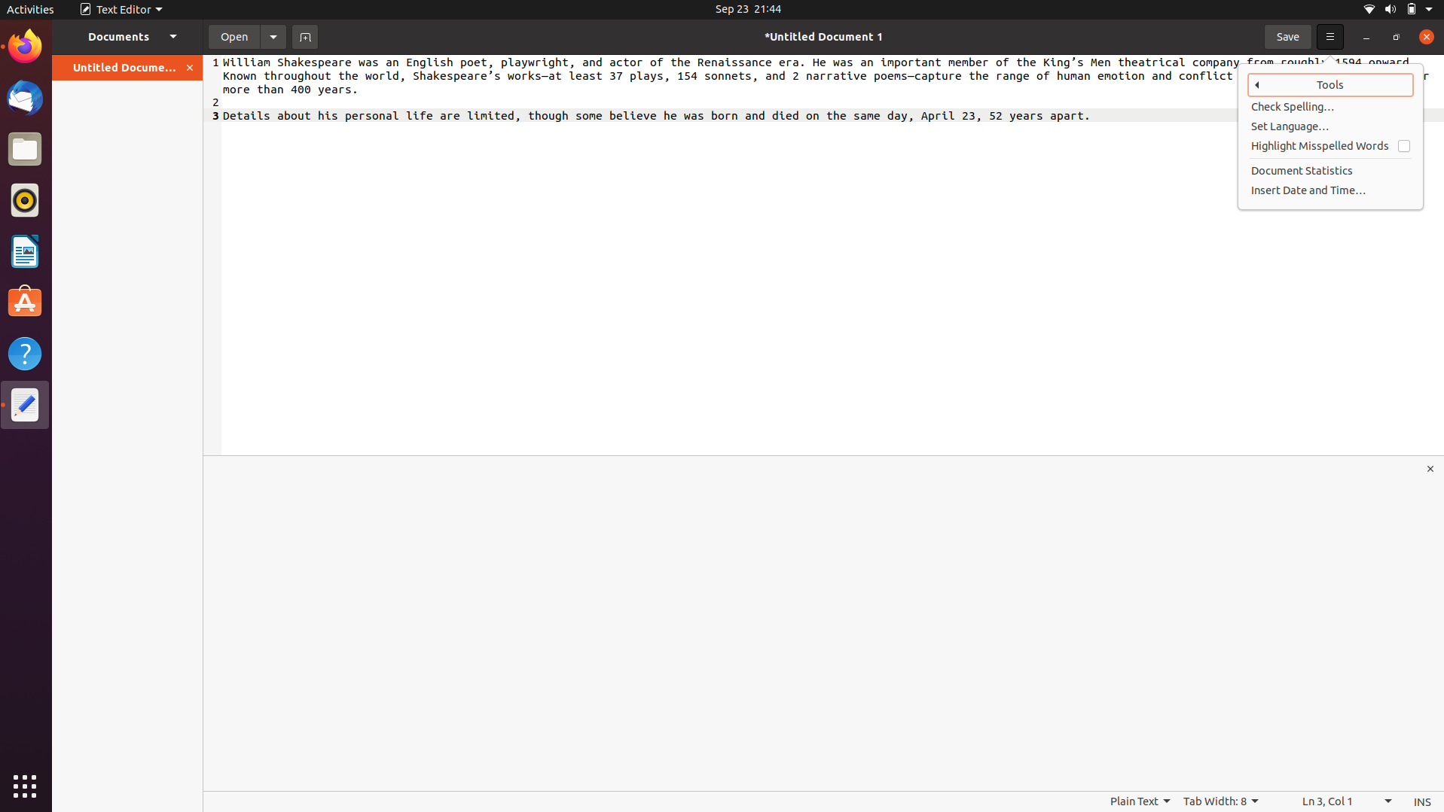  Describe the element at coordinates (1331, 107) in the screenshot. I see `Inspect document for spelling errors` at that location.